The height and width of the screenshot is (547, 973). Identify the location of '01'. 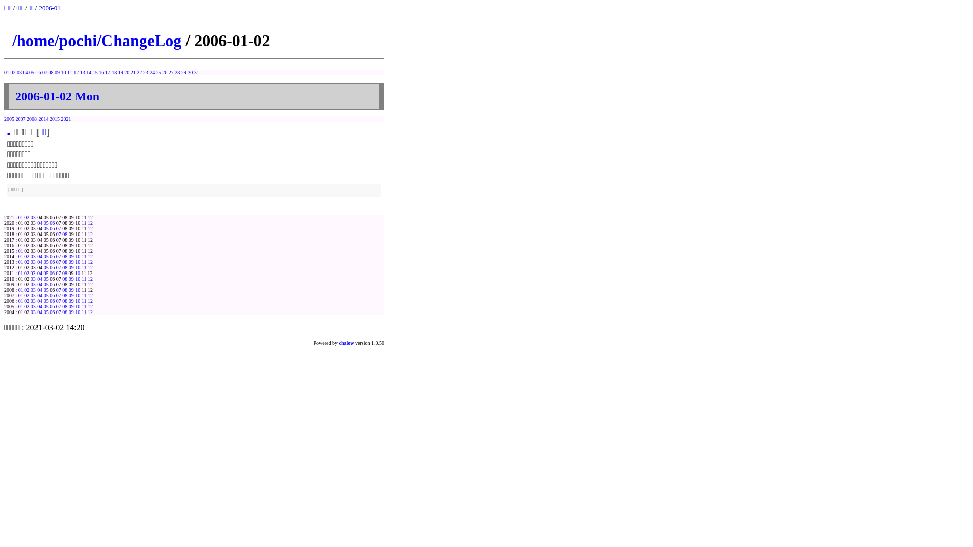
(20, 272).